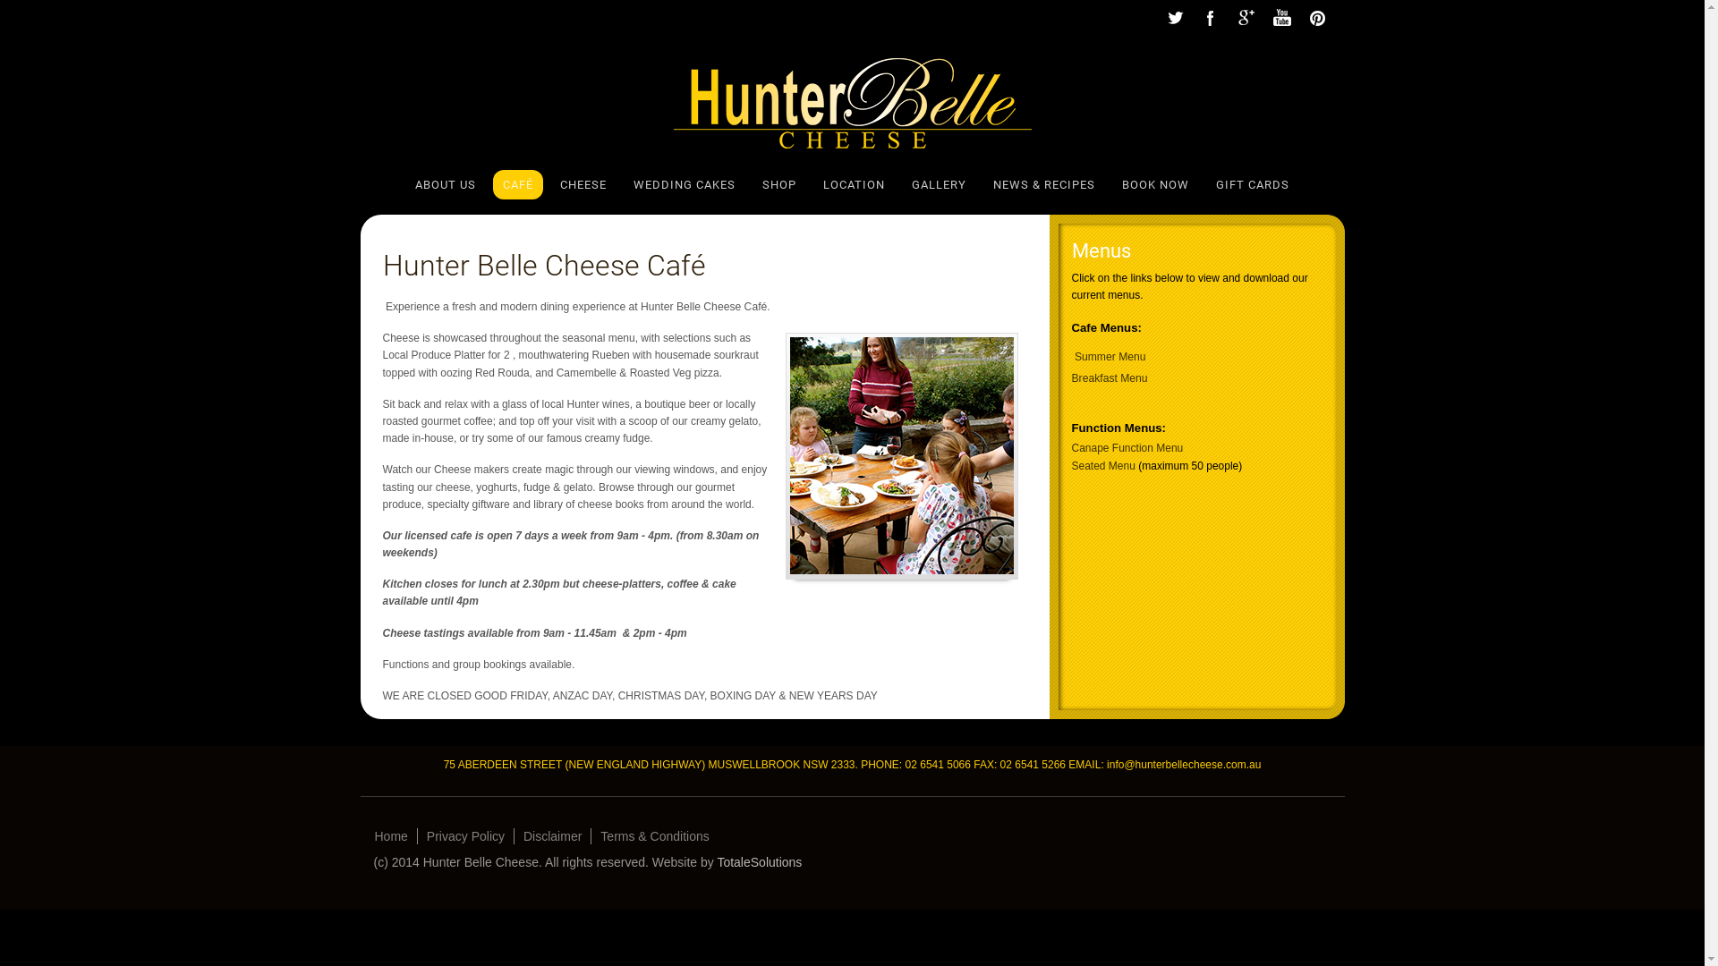 The height and width of the screenshot is (966, 1718). I want to click on 'NEWS & RECIPES', so click(1043, 184).